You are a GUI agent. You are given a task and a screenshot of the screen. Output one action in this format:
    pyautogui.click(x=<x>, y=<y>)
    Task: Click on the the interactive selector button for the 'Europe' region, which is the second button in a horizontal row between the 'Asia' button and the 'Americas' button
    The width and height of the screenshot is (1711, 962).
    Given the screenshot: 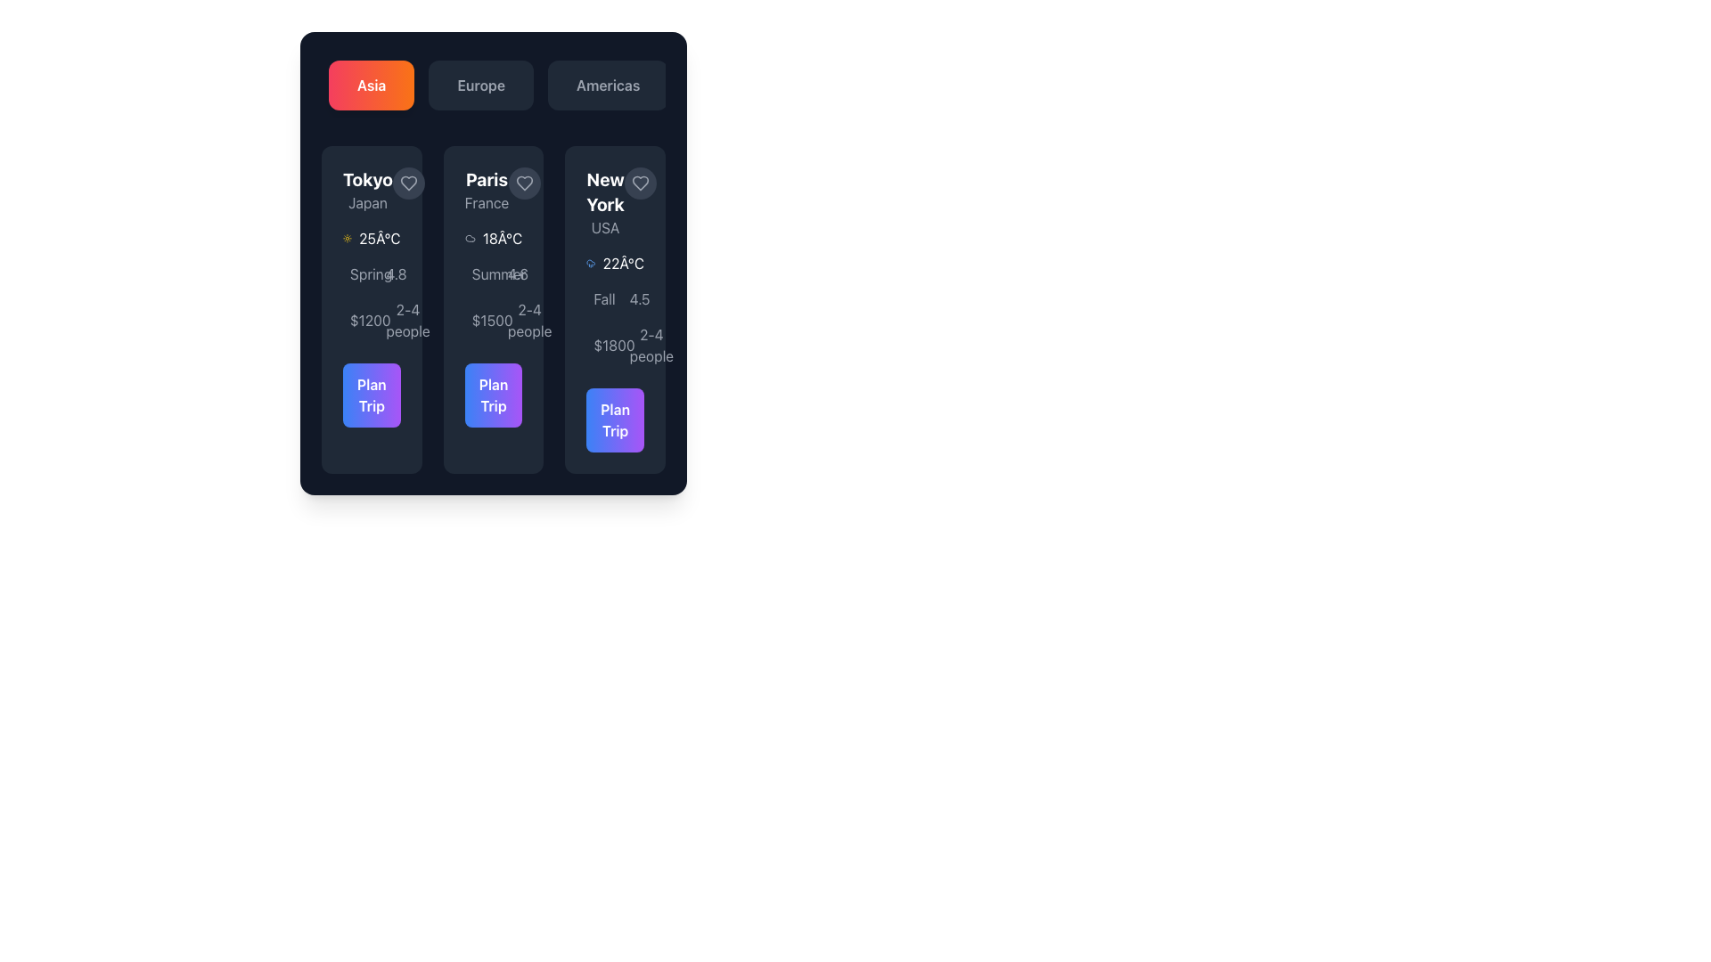 What is the action you would take?
    pyautogui.click(x=481, y=86)
    